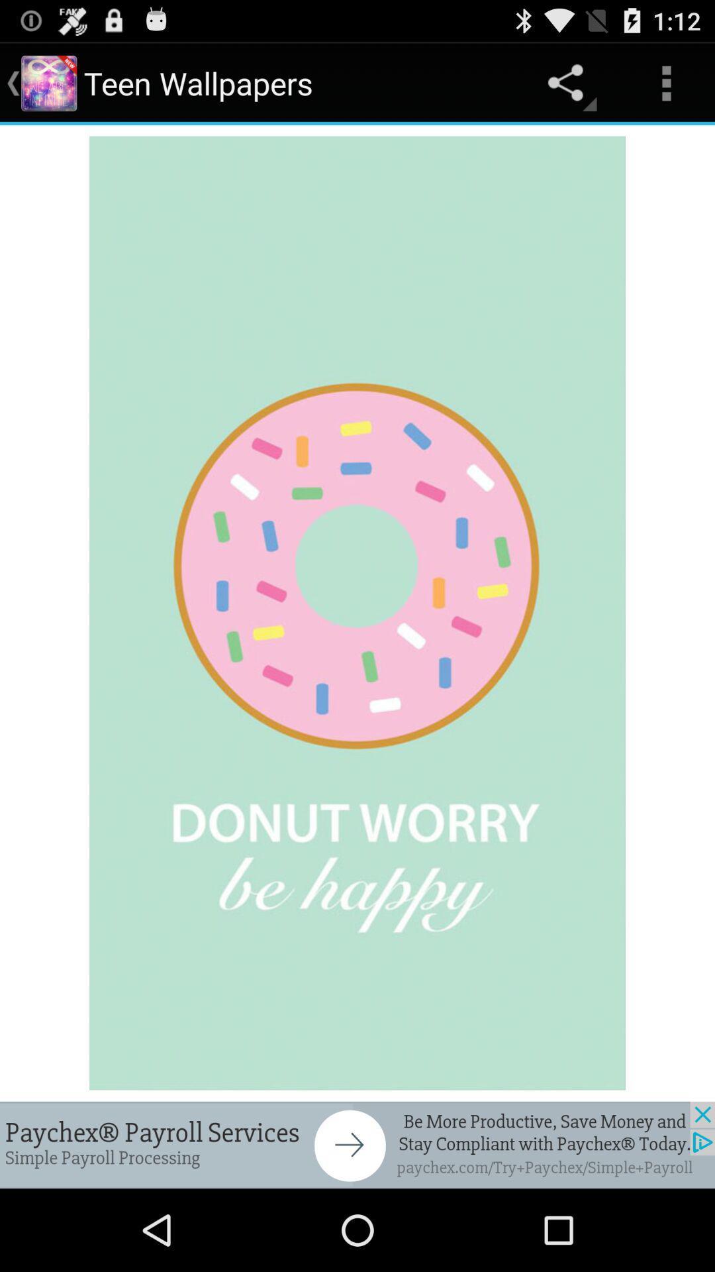  I want to click on paychex app, so click(358, 1144).